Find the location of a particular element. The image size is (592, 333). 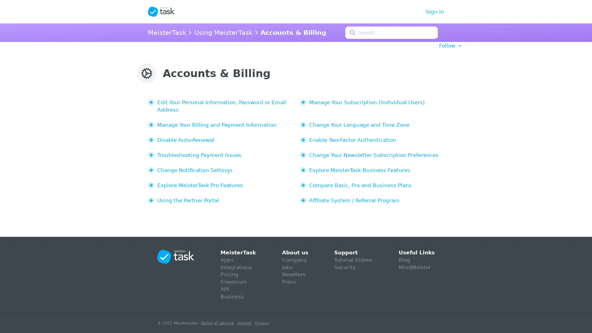

Follow is located at coordinates (450, 45).